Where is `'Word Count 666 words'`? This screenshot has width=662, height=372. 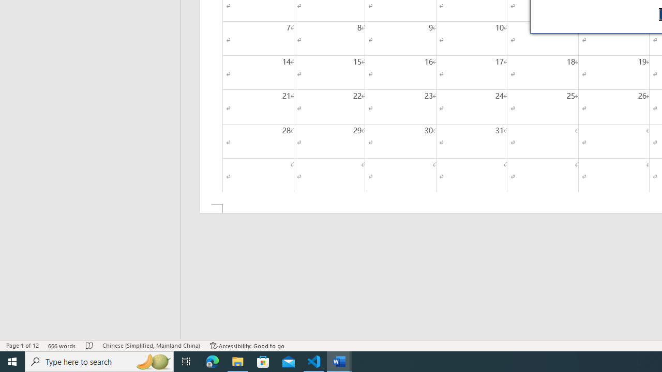 'Word Count 666 words' is located at coordinates (62, 346).